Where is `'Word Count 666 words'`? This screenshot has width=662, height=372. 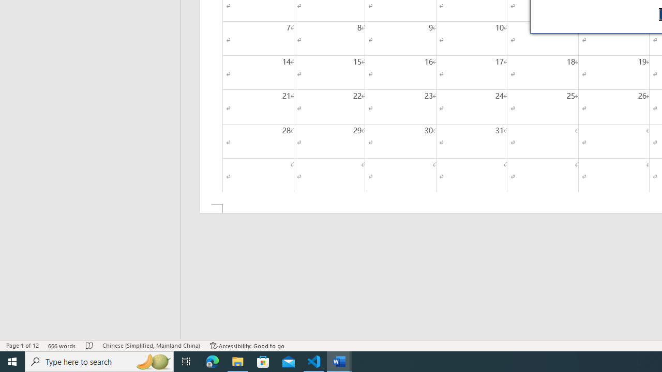 'Word Count 666 words' is located at coordinates (62, 346).